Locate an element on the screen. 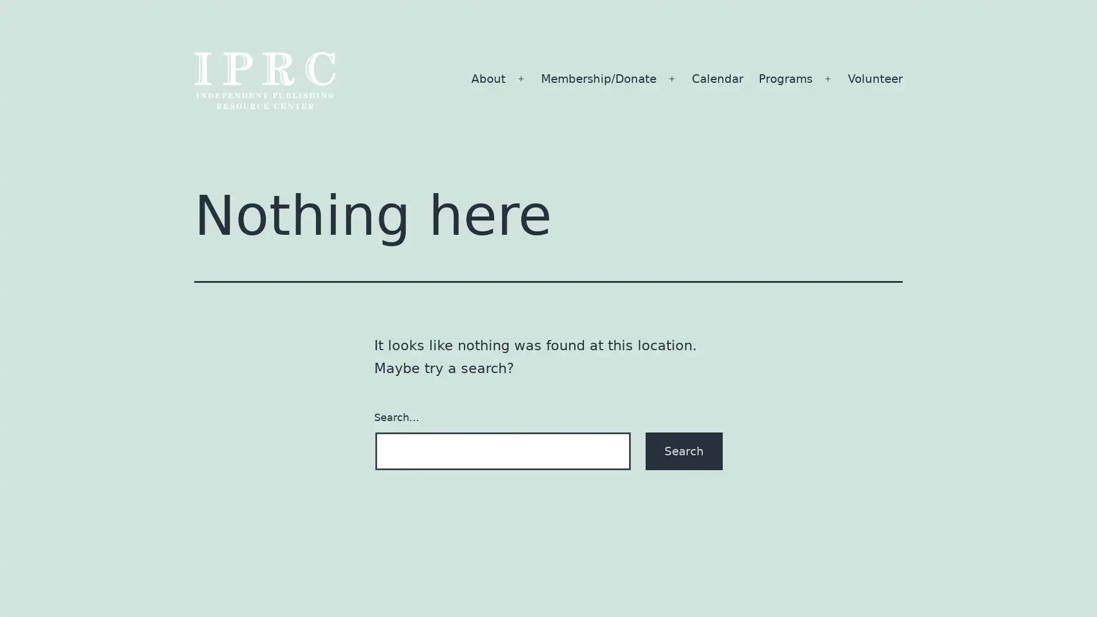 The height and width of the screenshot is (617, 1097). Open menu is located at coordinates (672, 78).